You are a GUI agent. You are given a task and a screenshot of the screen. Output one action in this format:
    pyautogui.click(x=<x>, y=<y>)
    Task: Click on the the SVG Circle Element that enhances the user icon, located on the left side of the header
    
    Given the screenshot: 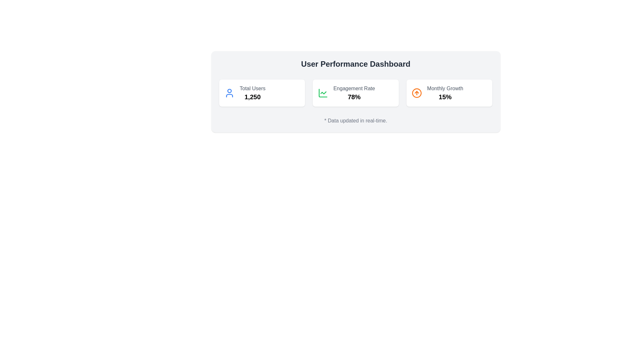 What is the action you would take?
    pyautogui.click(x=229, y=91)
    